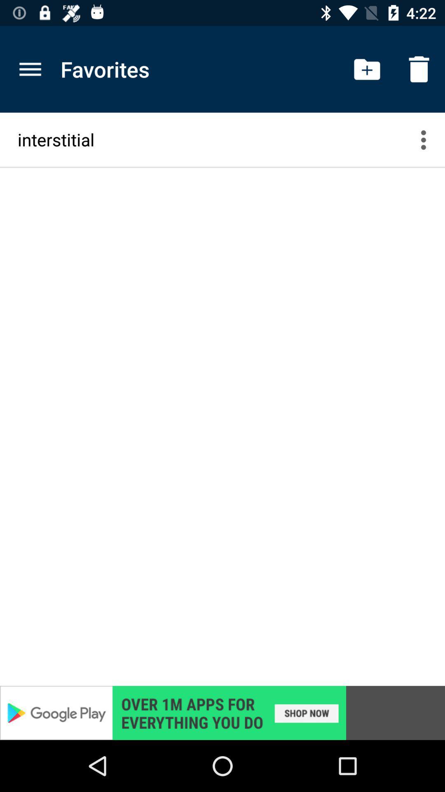 This screenshot has width=445, height=792. Describe the element at coordinates (428, 139) in the screenshot. I see `ellipse` at that location.